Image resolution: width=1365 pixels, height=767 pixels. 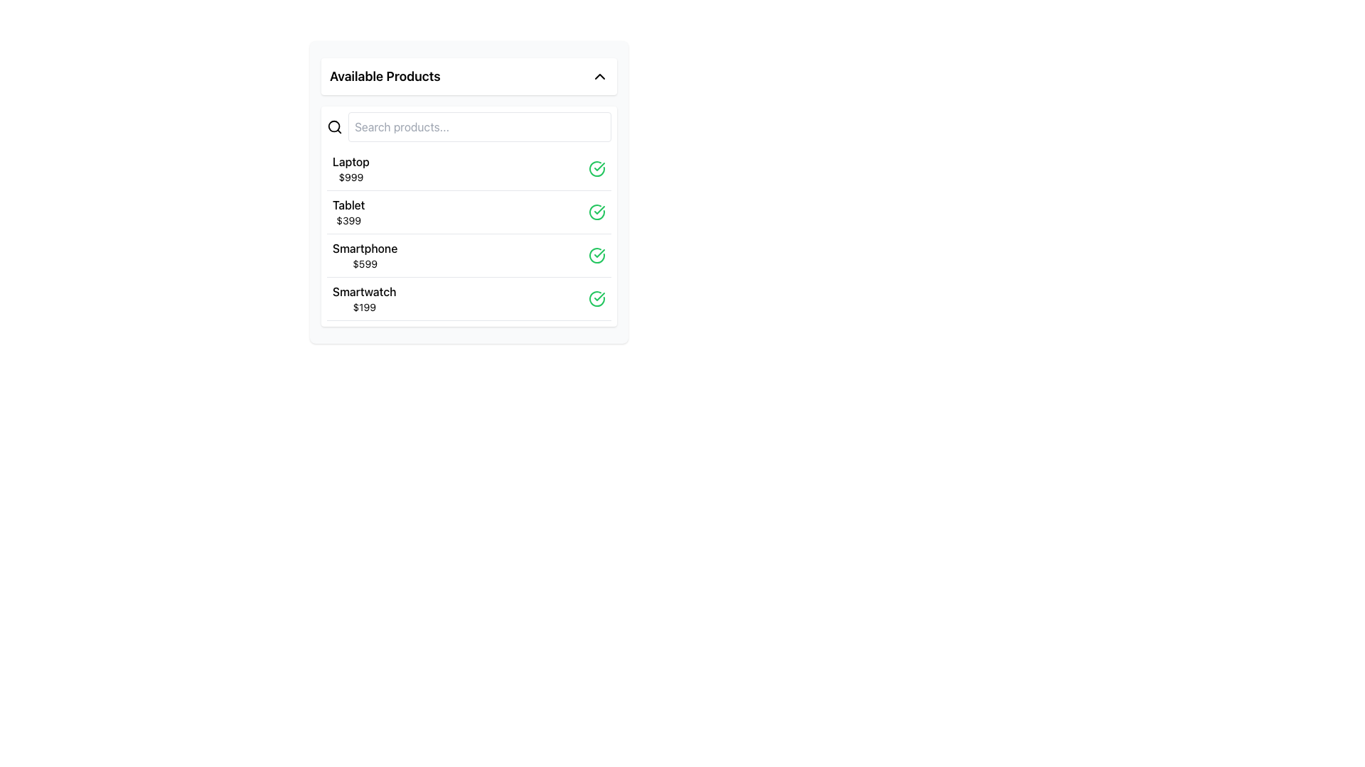 What do you see at coordinates (364, 306) in the screenshot?
I see `the static text element displaying the price '$199' located directly beneath the 'Smartwatch' product name` at bounding box center [364, 306].